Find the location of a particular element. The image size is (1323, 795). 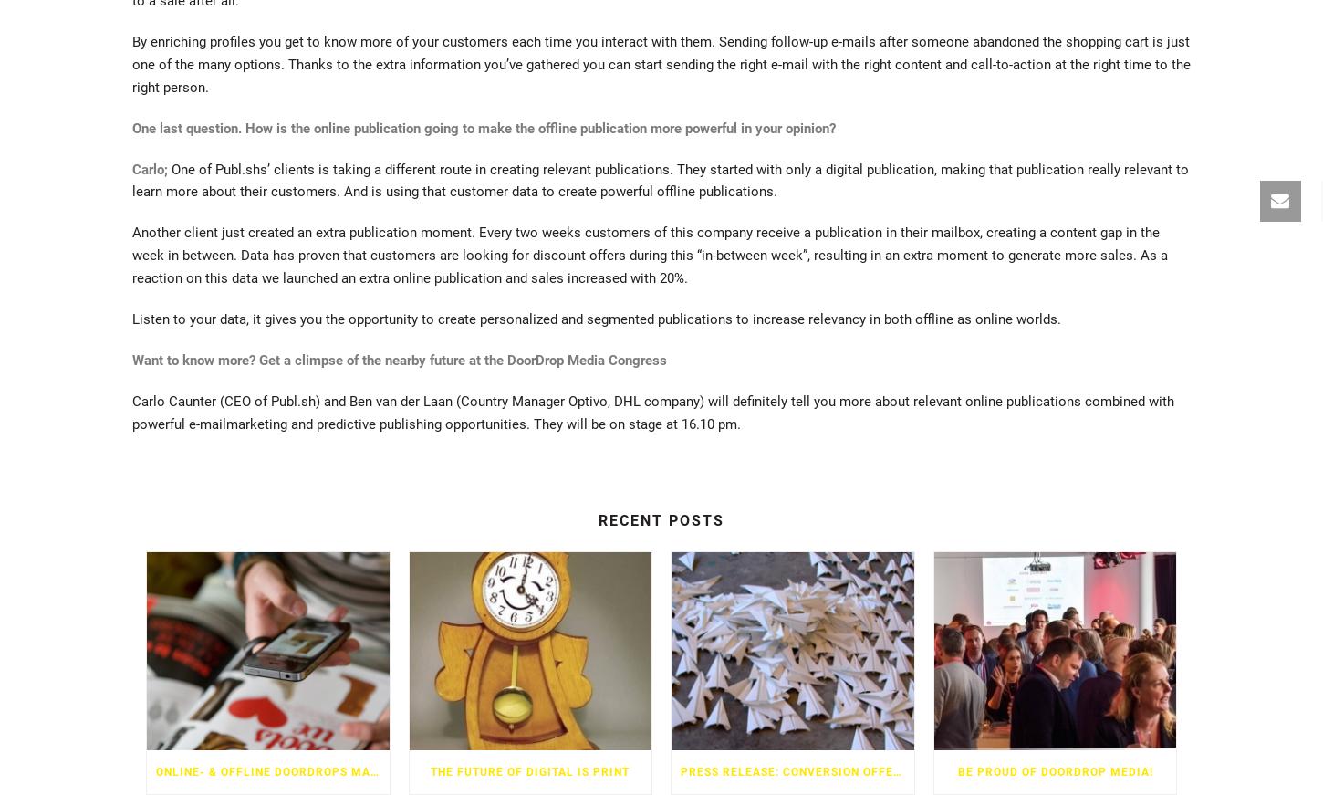

'The future of digital is print' is located at coordinates (530, 770).